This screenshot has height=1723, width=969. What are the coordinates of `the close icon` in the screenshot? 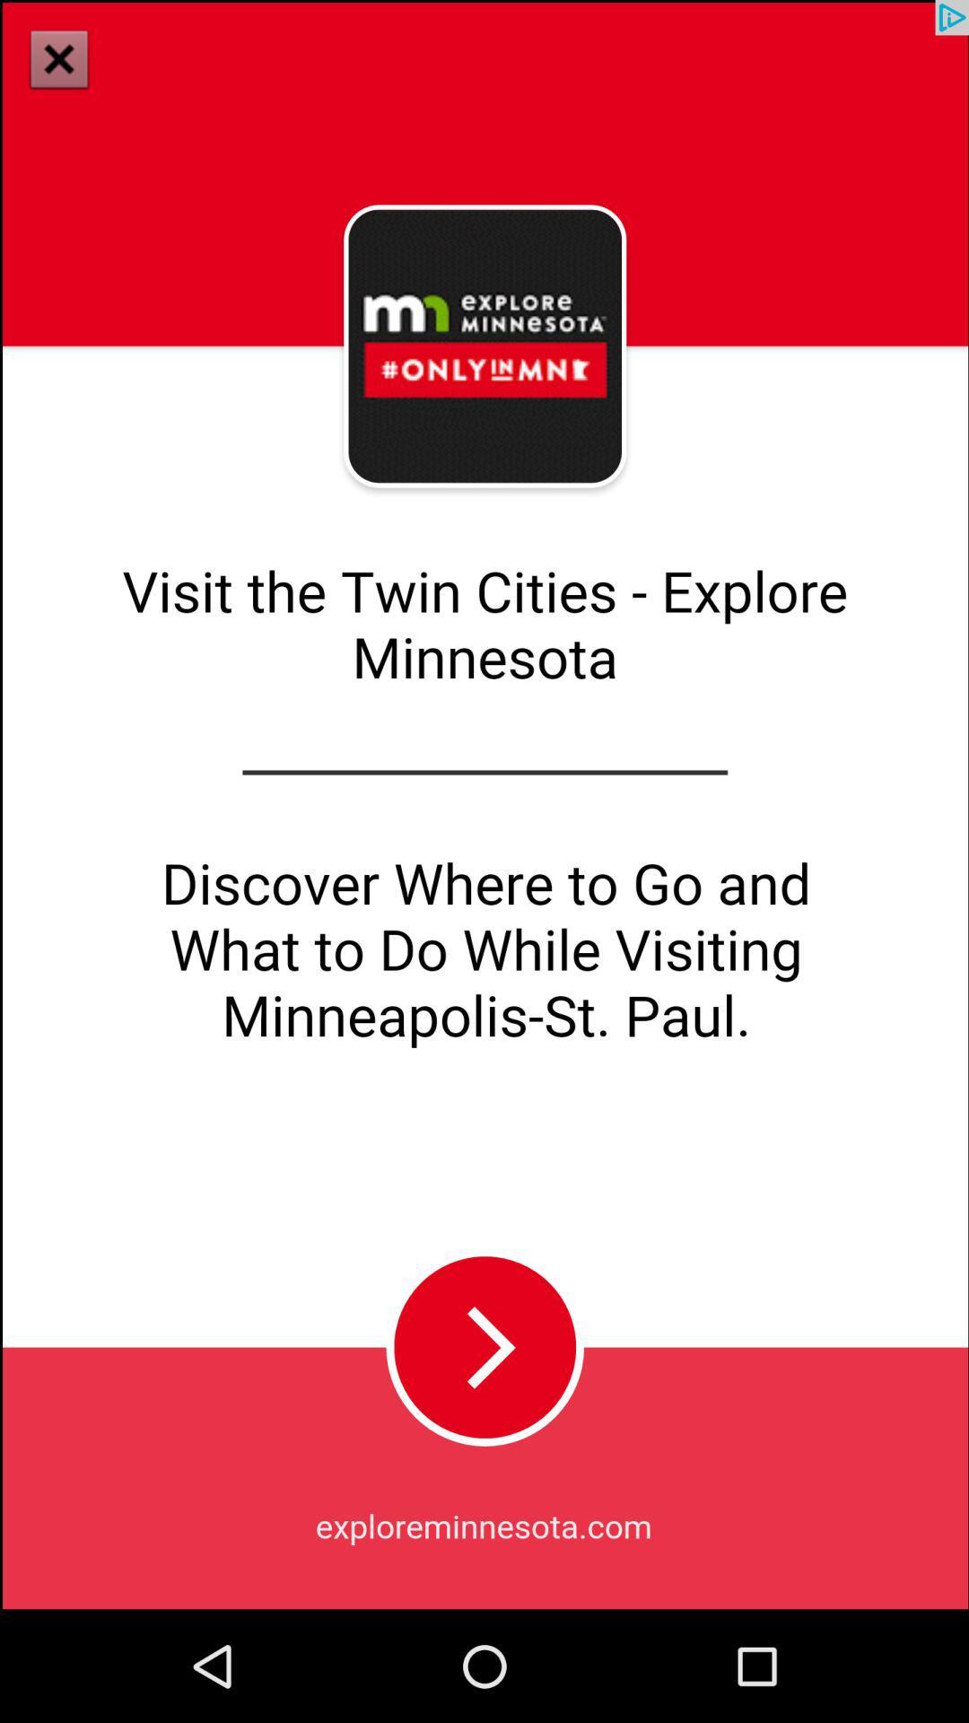 It's located at (69, 74).